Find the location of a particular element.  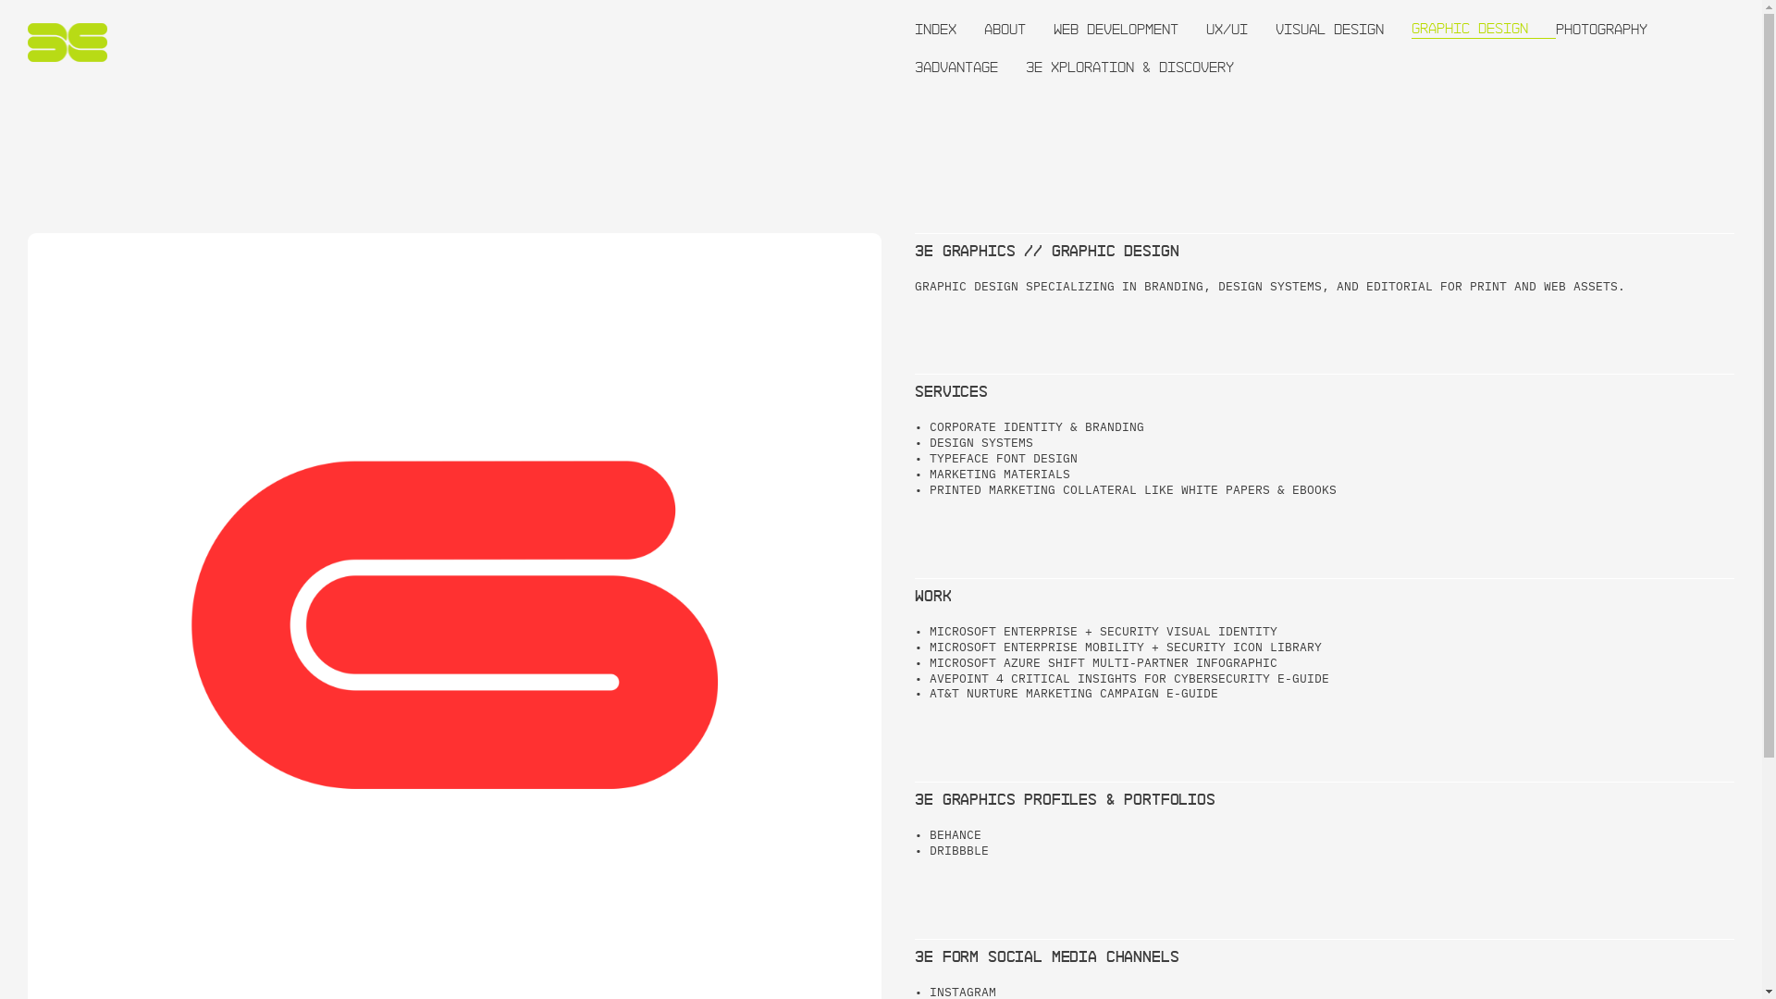

'WEB DEVELOPMENT' is located at coordinates (1128, 18).